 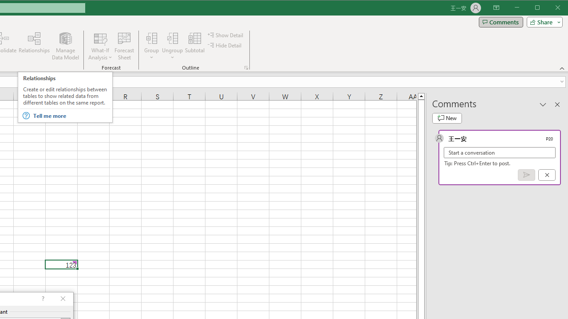 What do you see at coordinates (526, 175) in the screenshot?
I see `'Post comment (Ctrl + Enter)'` at bounding box center [526, 175].